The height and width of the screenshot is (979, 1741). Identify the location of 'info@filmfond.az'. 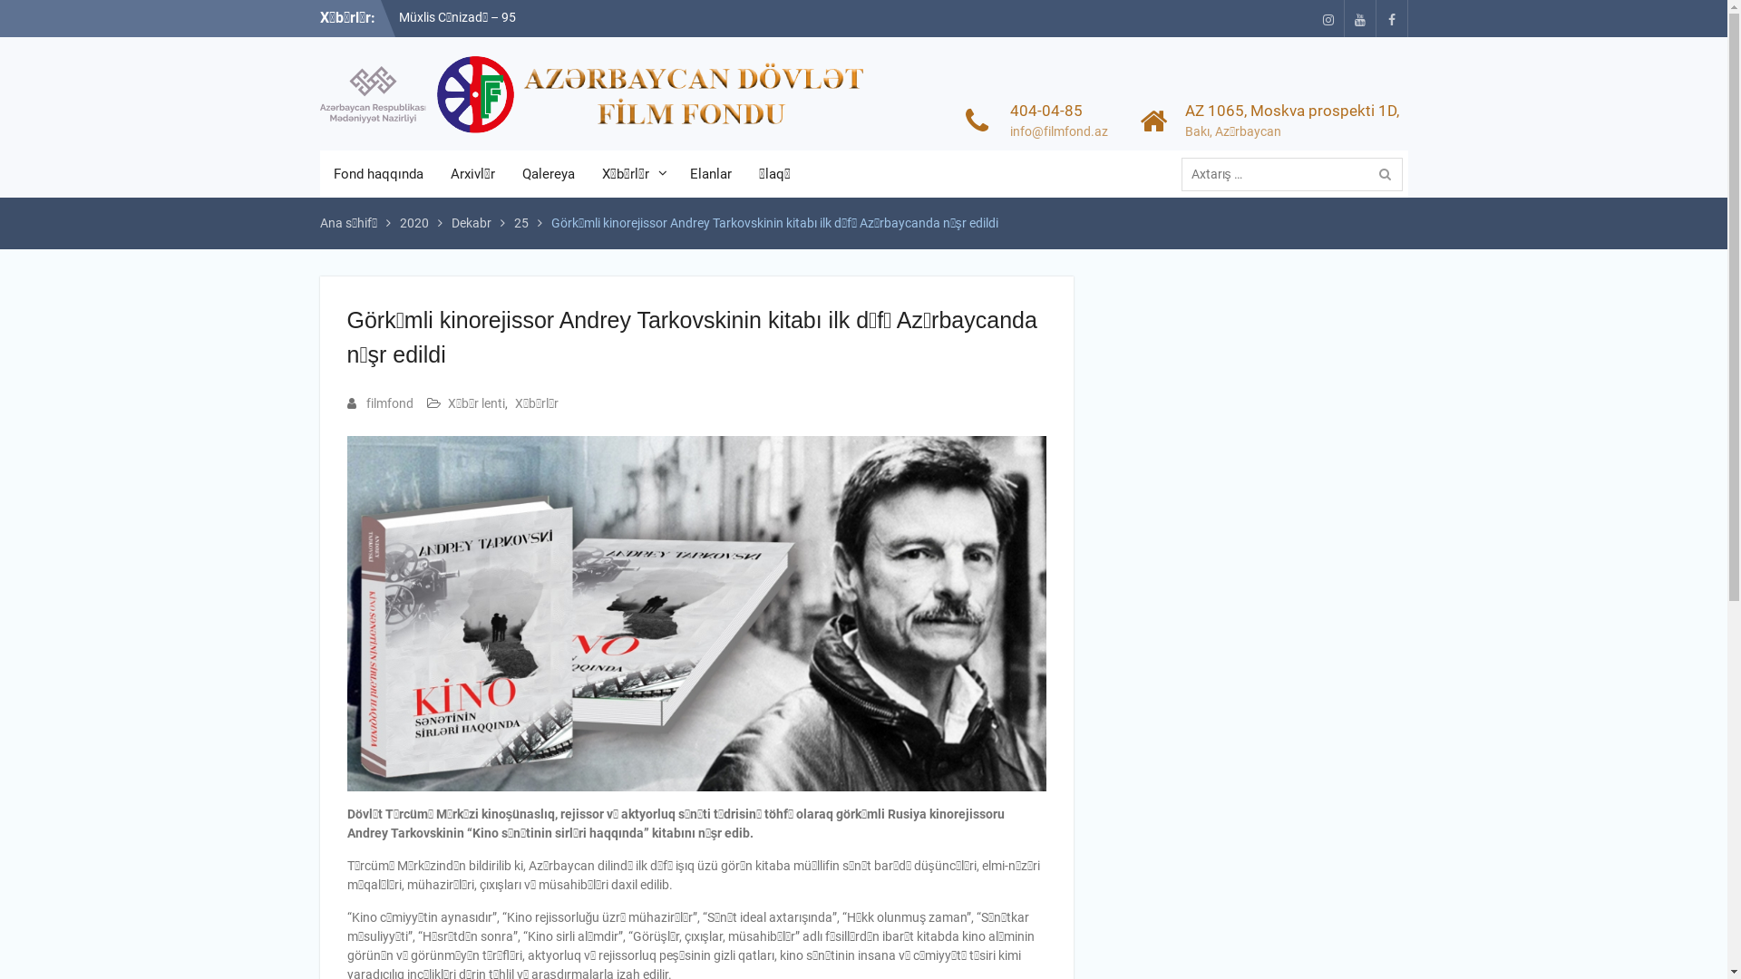
(1057, 131).